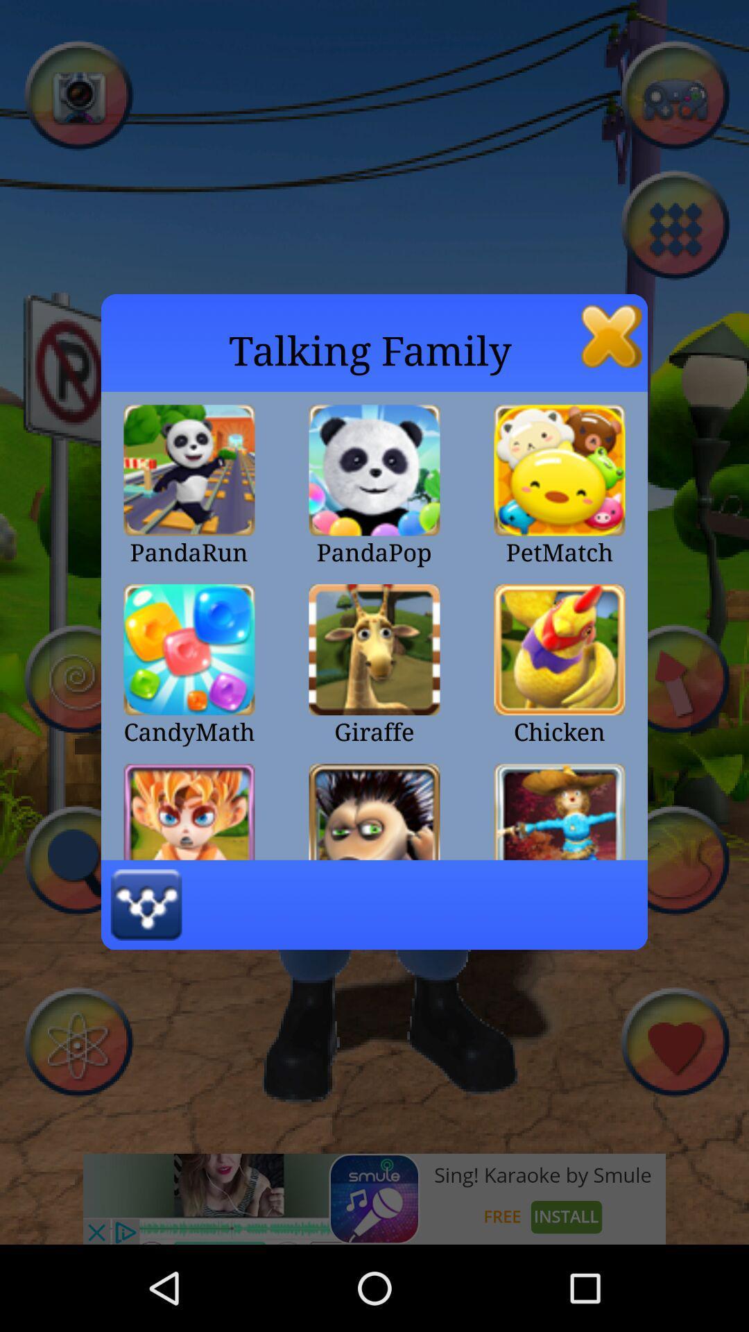 The width and height of the screenshot is (749, 1332). What do you see at coordinates (146, 905) in the screenshot?
I see `the icon at the bottom left corner` at bounding box center [146, 905].